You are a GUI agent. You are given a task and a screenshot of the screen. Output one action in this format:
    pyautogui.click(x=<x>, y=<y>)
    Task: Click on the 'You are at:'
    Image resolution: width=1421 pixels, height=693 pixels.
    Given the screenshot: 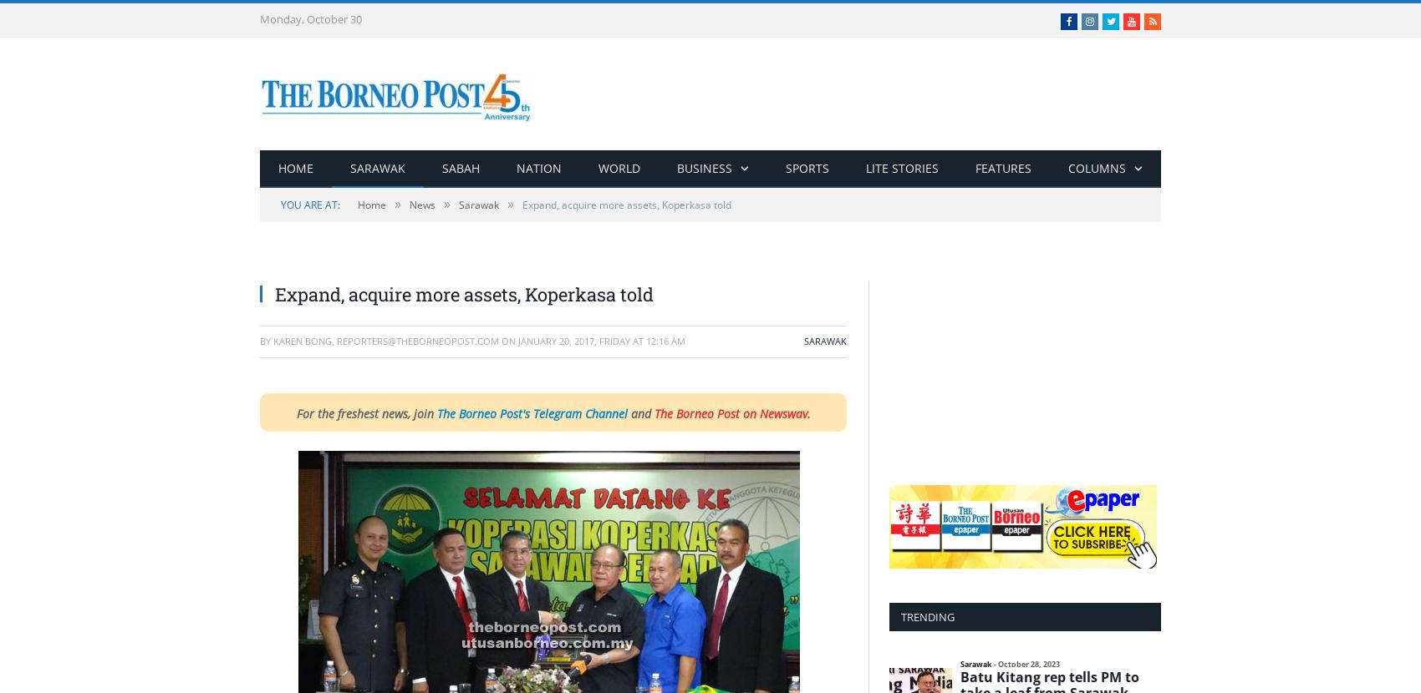 What is the action you would take?
    pyautogui.click(x=279, y=204)
    